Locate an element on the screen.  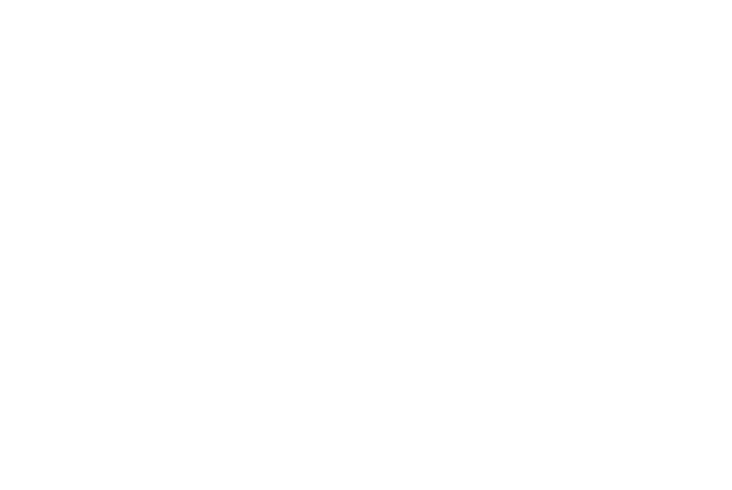
'Home' is located at coordinates (334, 223).